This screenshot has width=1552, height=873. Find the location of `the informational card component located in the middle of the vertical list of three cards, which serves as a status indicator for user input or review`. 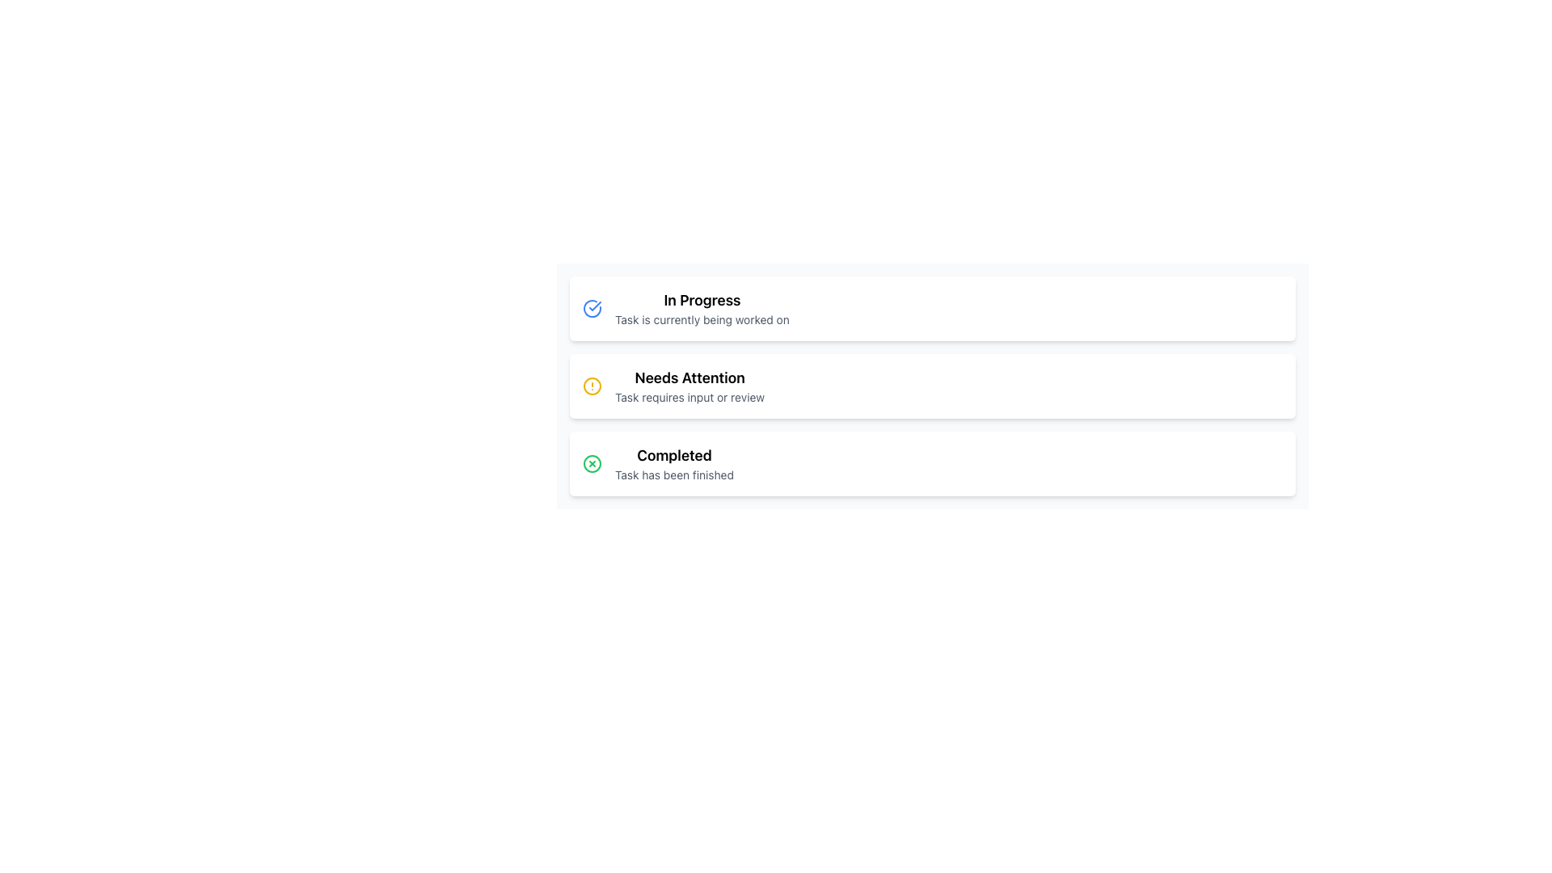

the informational card component located in the middle of the vertical list of three cards, which serves as a status indicator for user input or review is located at coordinates (932, 386).